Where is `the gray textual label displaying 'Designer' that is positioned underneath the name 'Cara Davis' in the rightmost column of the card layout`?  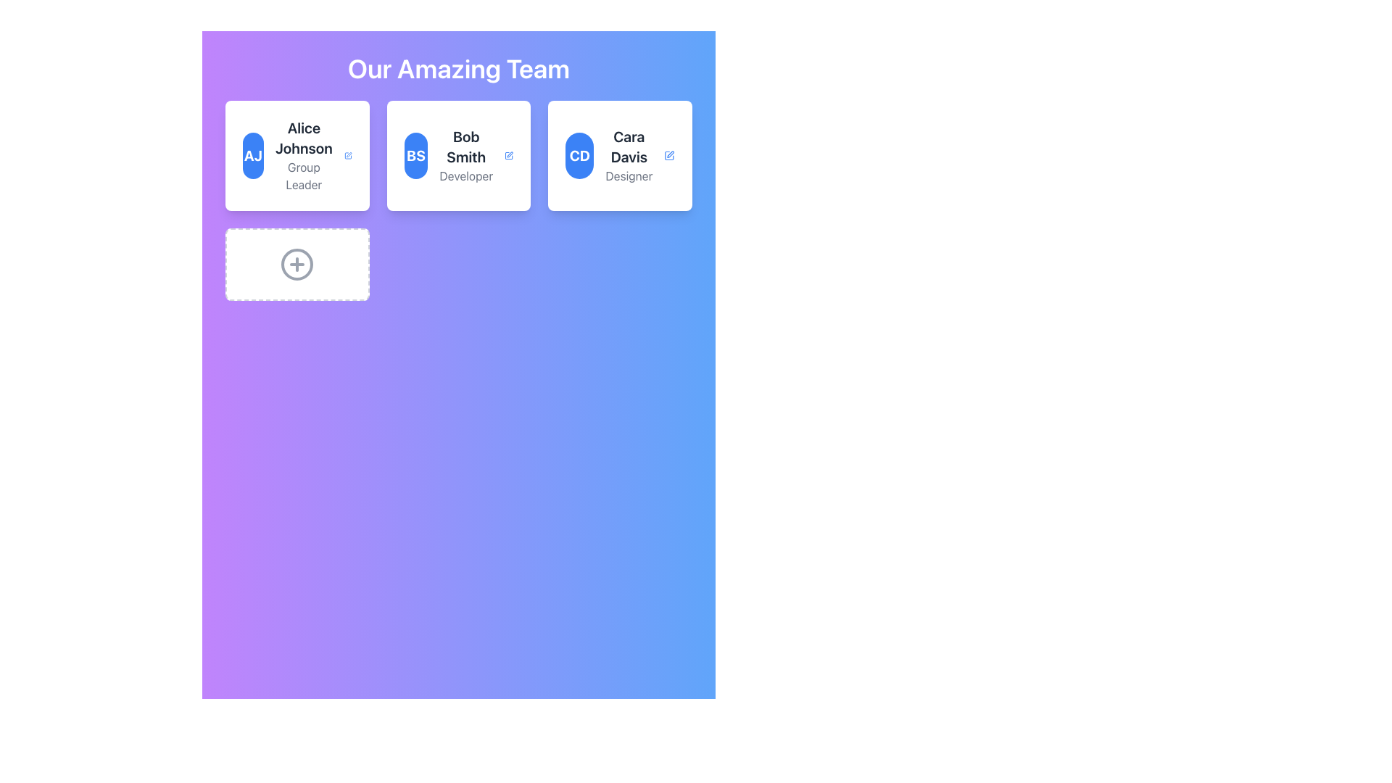
the gray textual label displaying 'Designer' that is positioned underneath the name 'Cara Davis' in the rightmost column of the card layout is located at coordinates (629, 175).